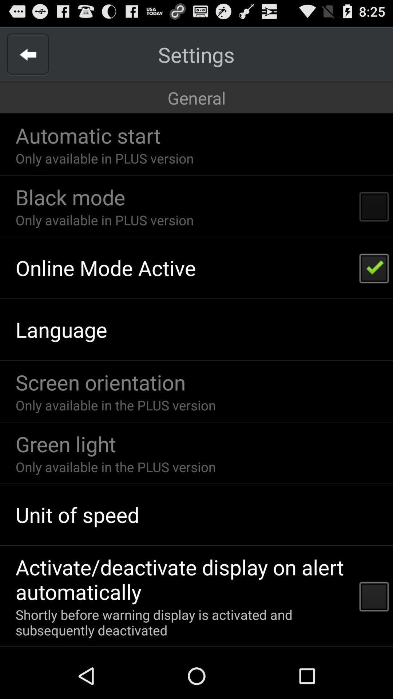 Image resolution: width=393 pixels, height=699 pixels. I want to click on online mode active item, so click(106, 267).